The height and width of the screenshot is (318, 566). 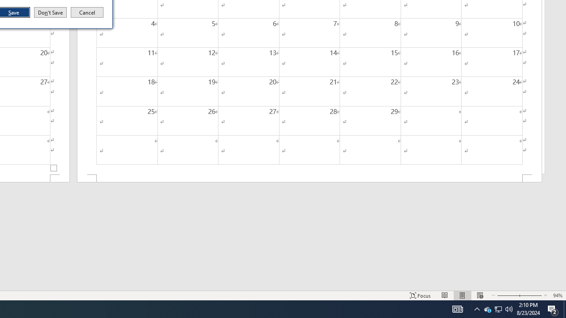 What do you see at coordinates (553, 308) in the screenshot?
I see `'Action Center, 2 new notifications'` at bounding box center [553, 308].